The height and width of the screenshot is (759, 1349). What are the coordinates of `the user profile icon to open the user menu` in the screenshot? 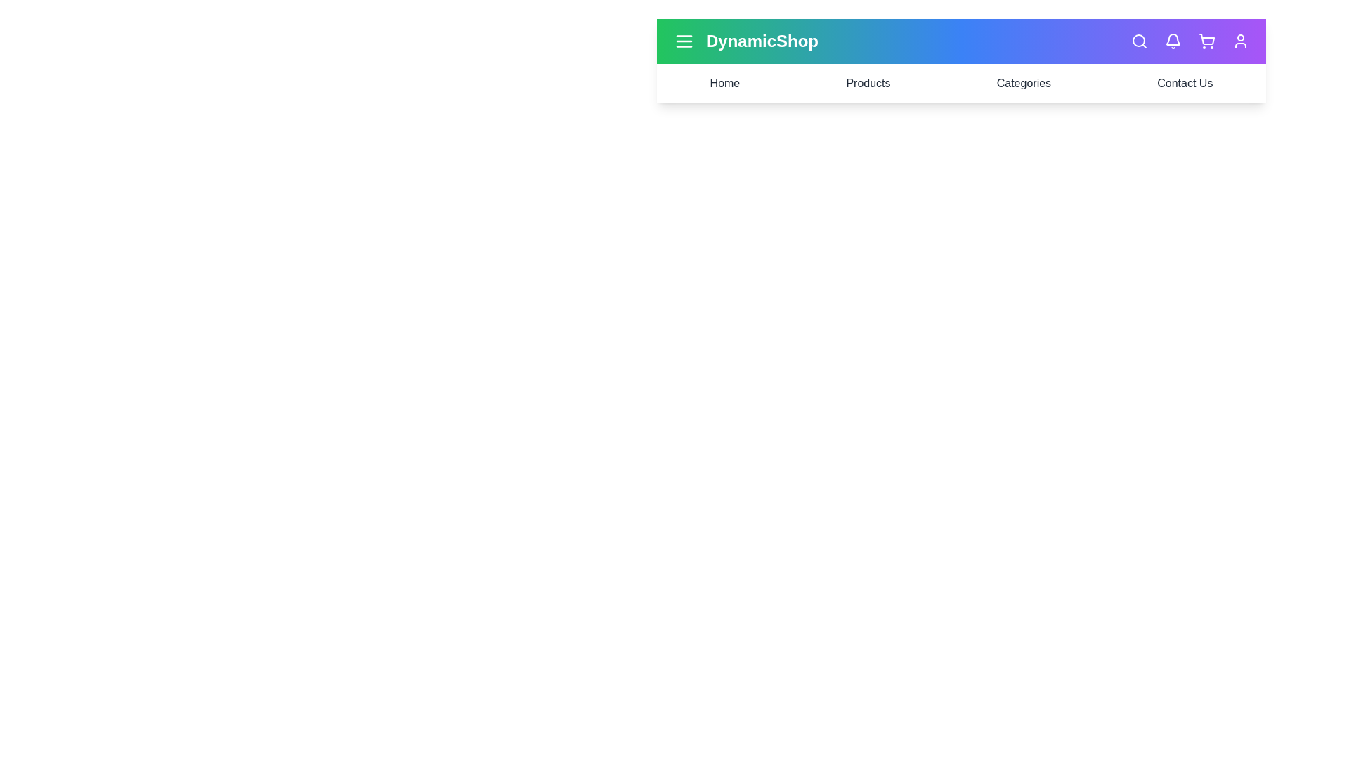 It's located at (1241, 40).